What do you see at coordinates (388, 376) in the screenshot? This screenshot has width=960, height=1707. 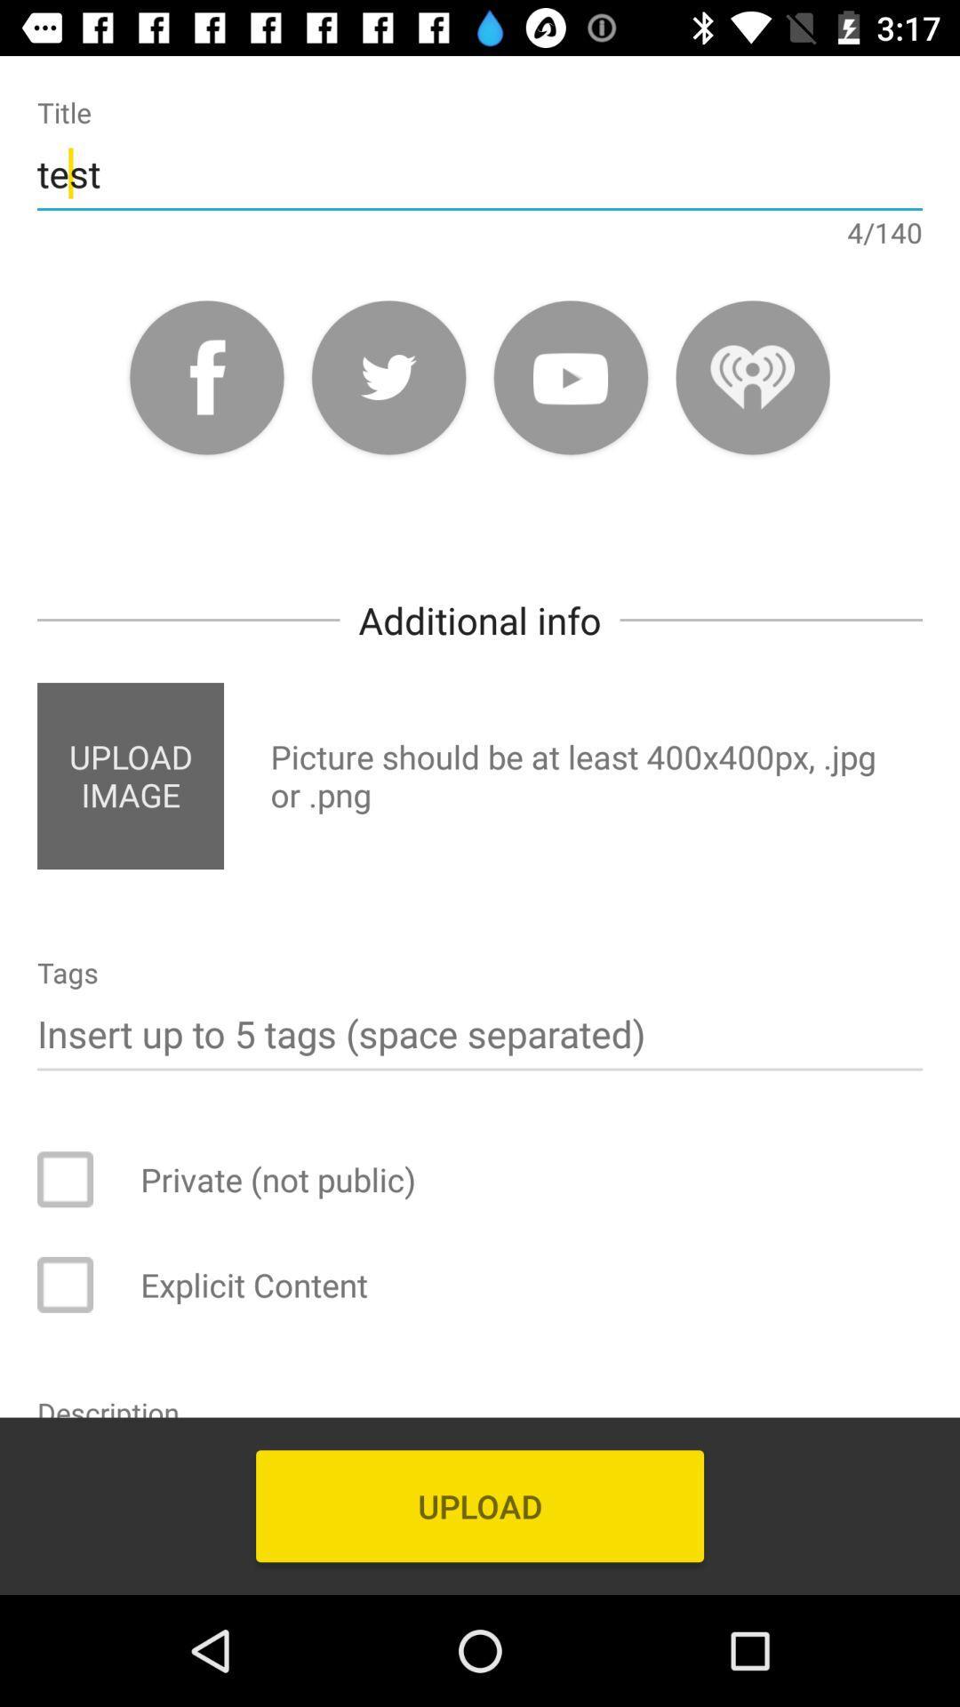 I see `click twitter` at bounding box center [388, 376].